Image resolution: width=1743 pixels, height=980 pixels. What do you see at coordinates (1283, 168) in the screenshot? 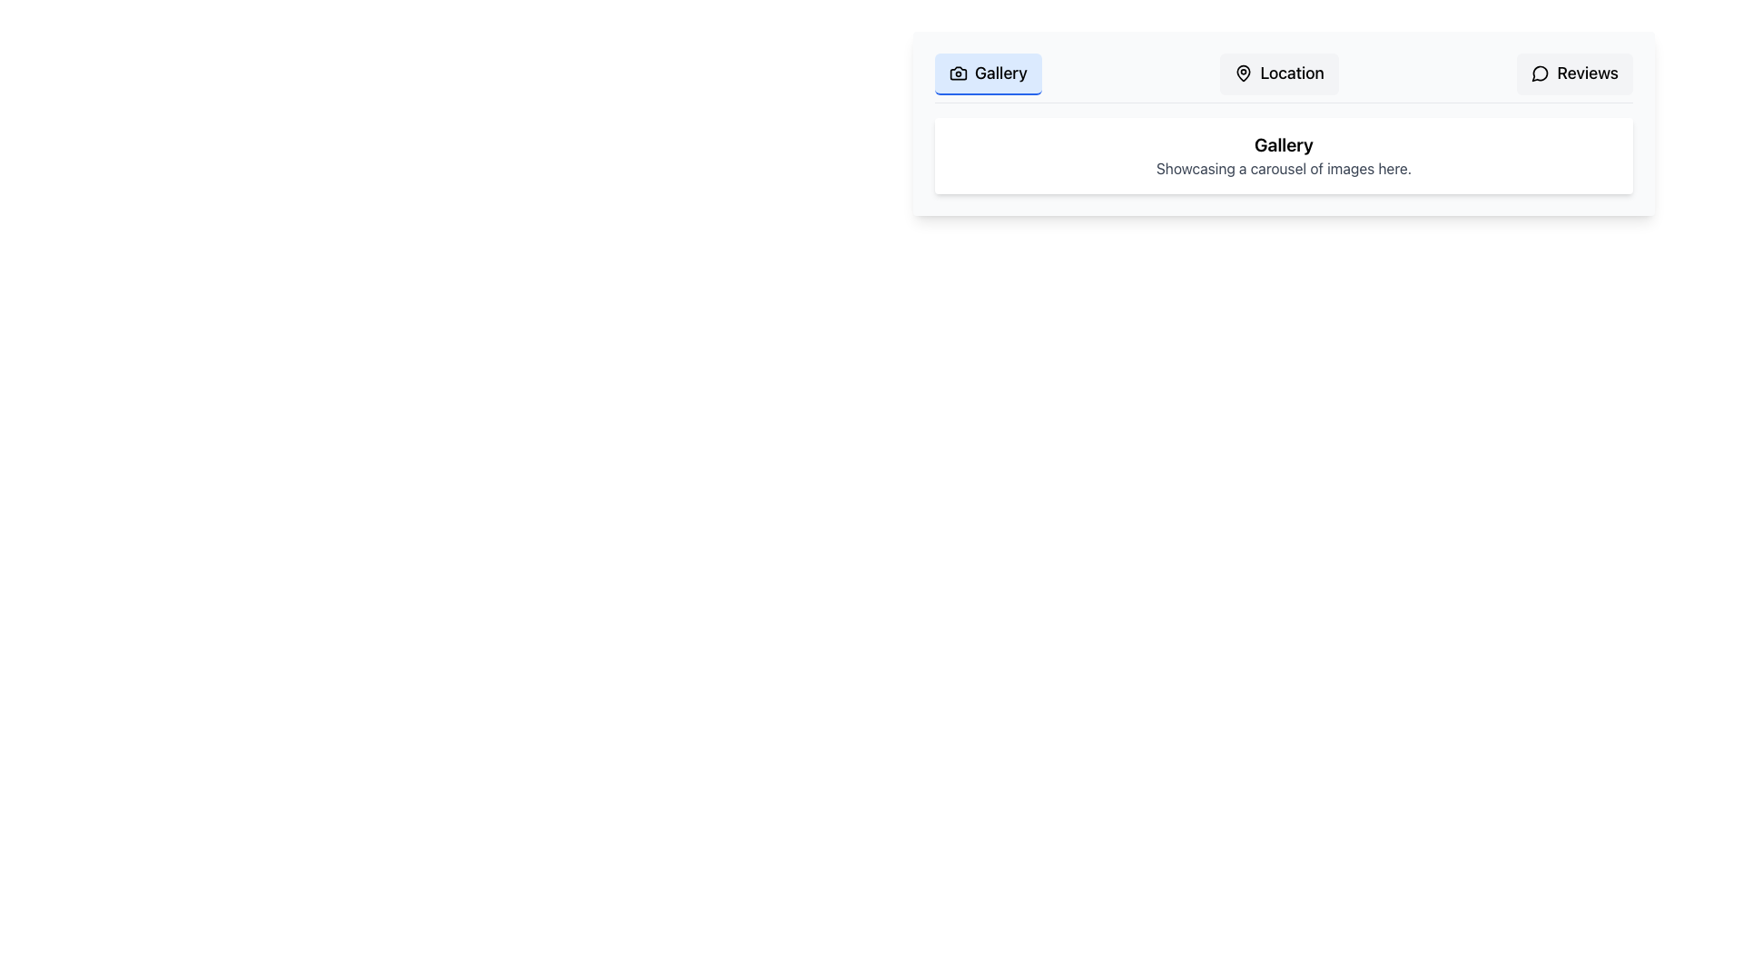
I see `the descriptive caption in the 'Gallery' section, located immediately underneath the heading 'Gallery'` at bounding box center [1283, 168].